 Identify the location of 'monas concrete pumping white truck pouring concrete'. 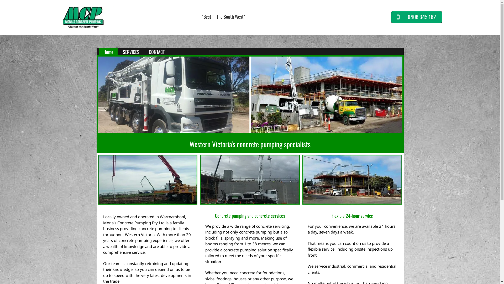
(249, 179).